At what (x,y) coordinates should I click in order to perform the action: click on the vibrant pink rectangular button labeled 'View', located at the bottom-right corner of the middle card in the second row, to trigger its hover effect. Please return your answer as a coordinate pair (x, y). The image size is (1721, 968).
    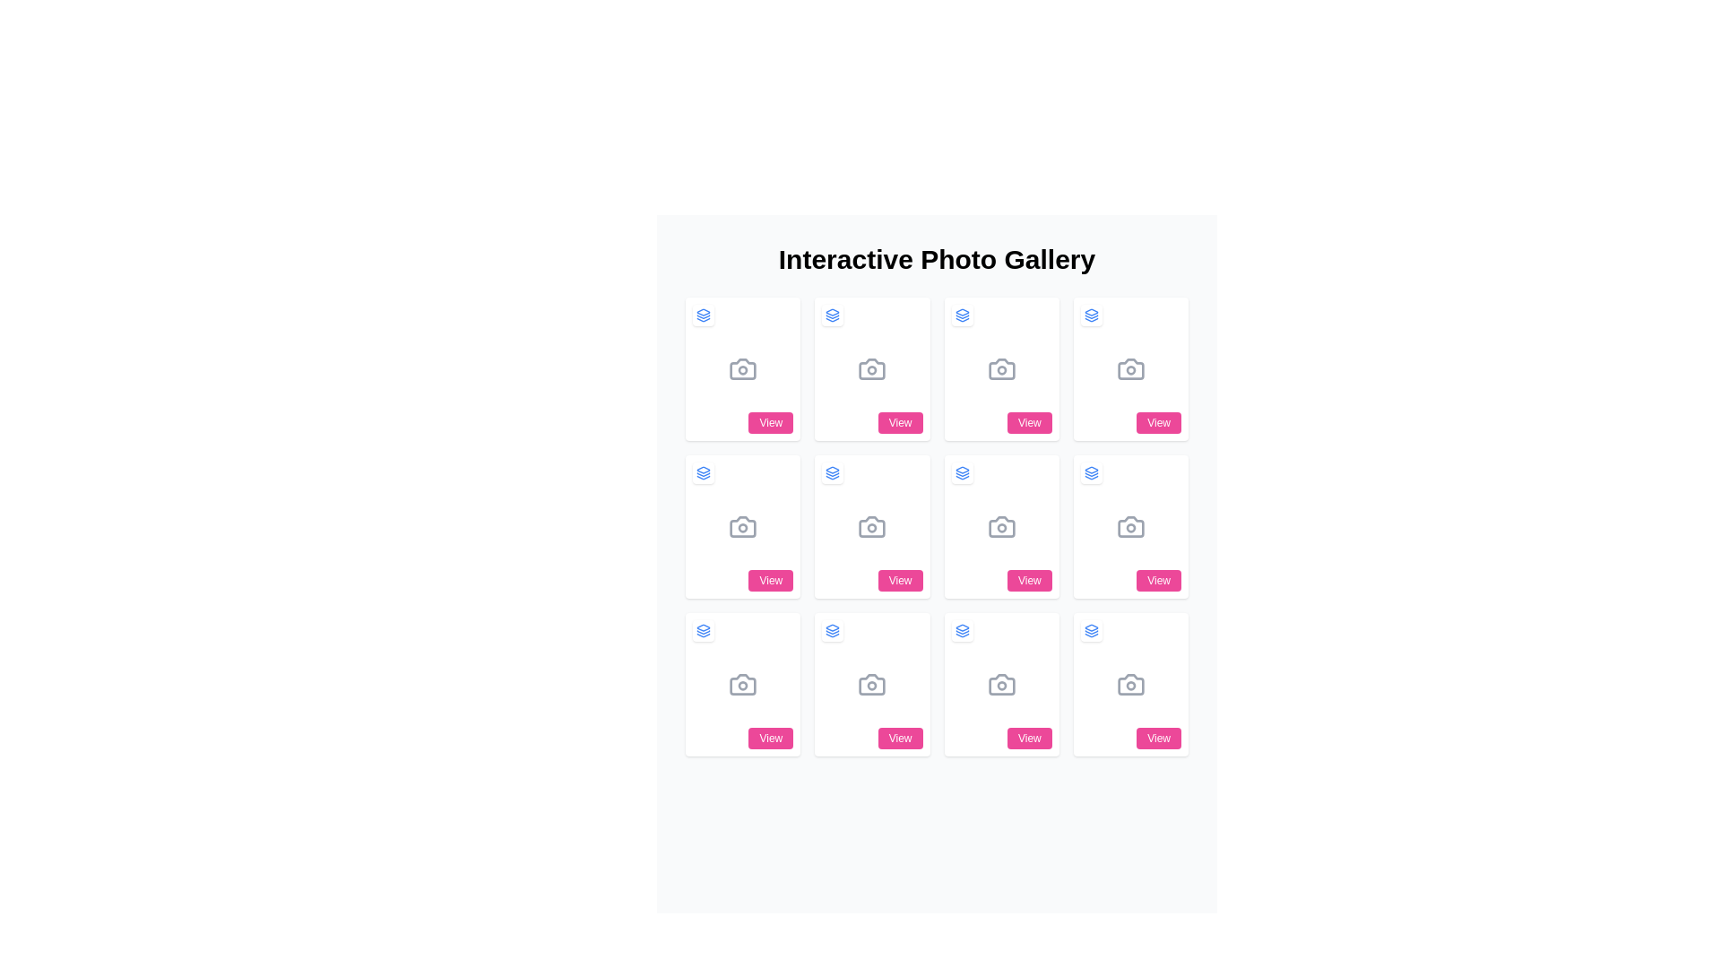
    Looking at the image, I should click on (900, 581).